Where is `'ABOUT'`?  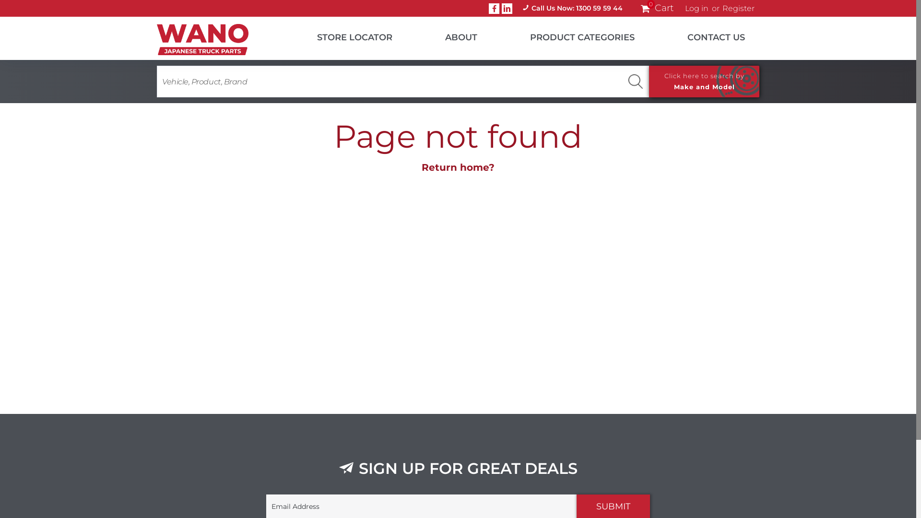 'ABOUT' is located at coordinates (407, 35).